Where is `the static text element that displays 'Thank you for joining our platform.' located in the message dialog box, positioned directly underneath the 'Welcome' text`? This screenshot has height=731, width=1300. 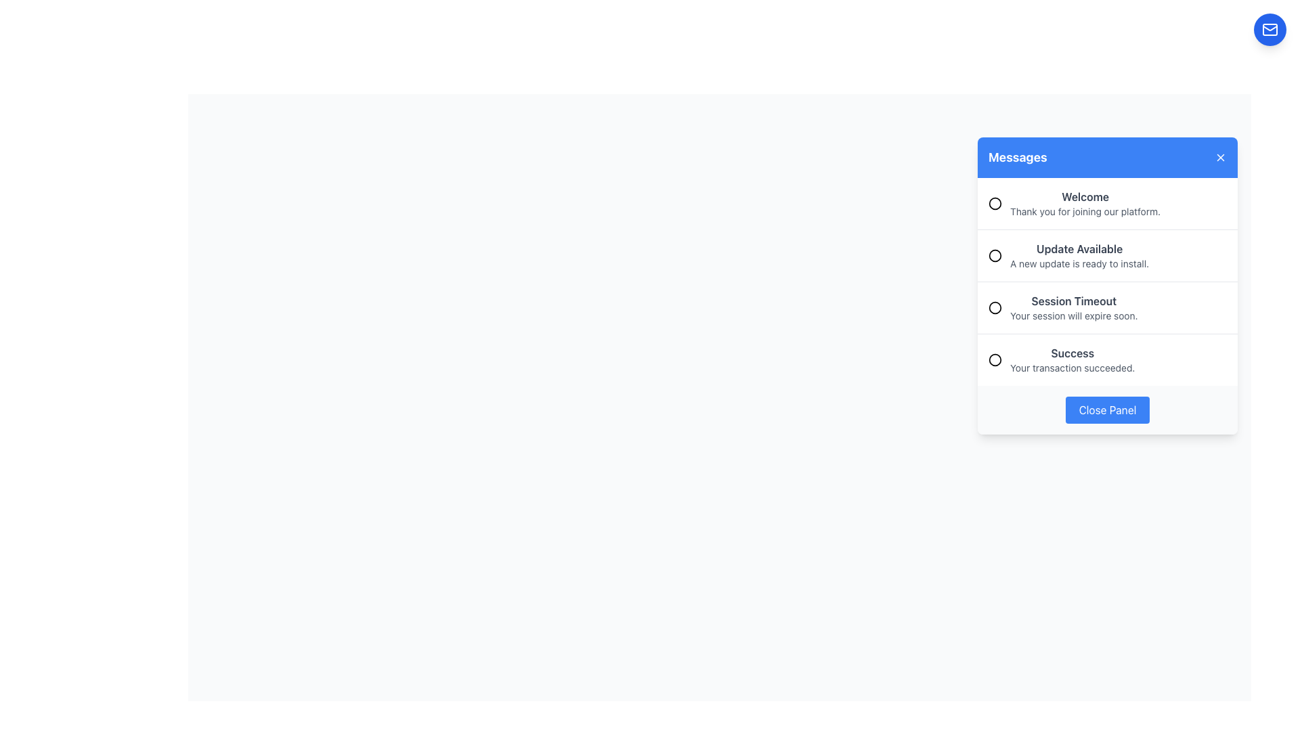 the static text element that displays 'Thank you for joining our platform.' located in the message dialog box, positioned directly underneath the 'Welcome' text is located at coordinates (1085, 211).